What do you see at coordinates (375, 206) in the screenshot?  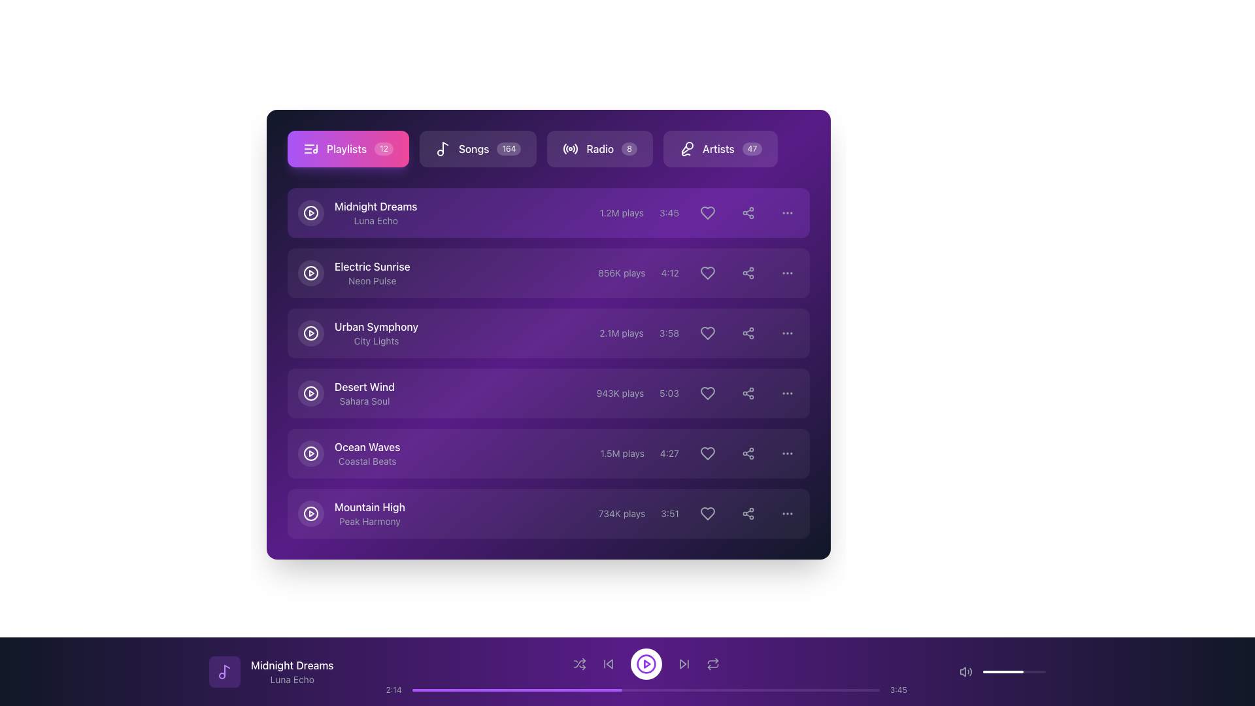 I see `text label 'Midnight Dreams' which is styled in bold white font and prominently displayed on a purple background as the first entry in the playlist view` at bounding box center [375, 206].